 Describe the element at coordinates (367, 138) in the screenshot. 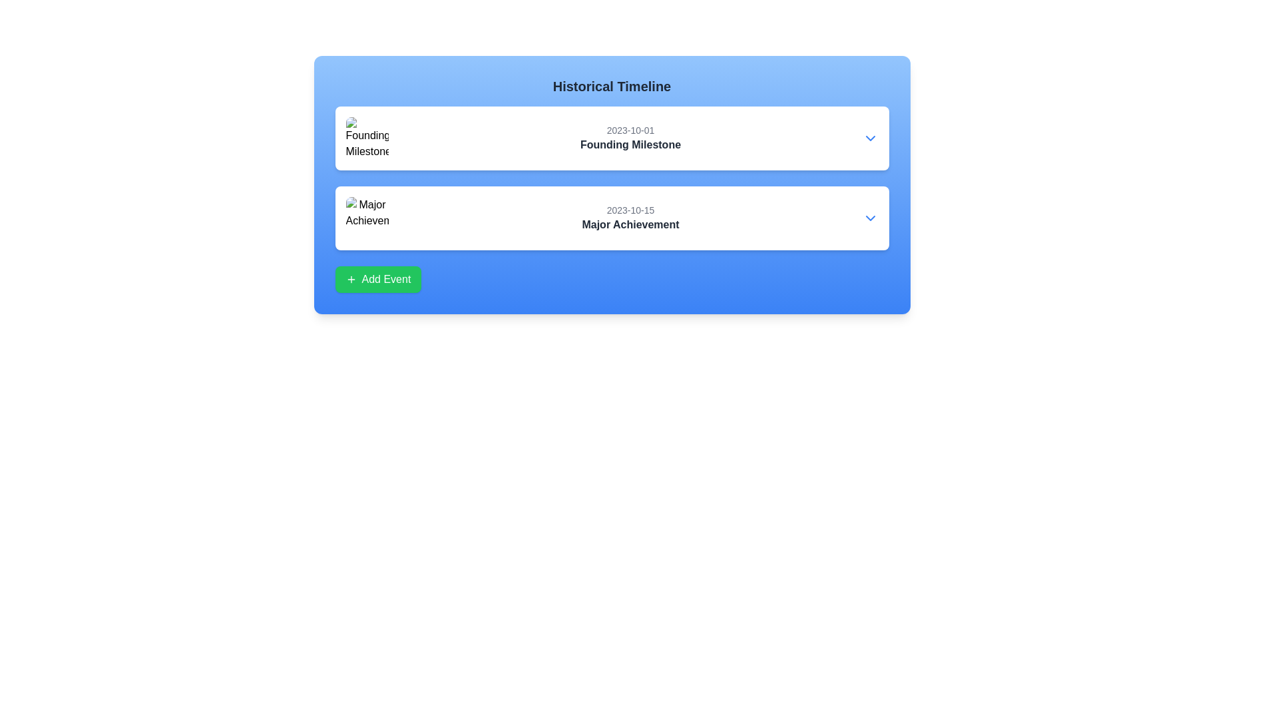

I see `the square image placeholder with rounded corners, positioned to the left of the 'Founding Milestone' heading and '2023-10-01' date, to view image options` at that location.